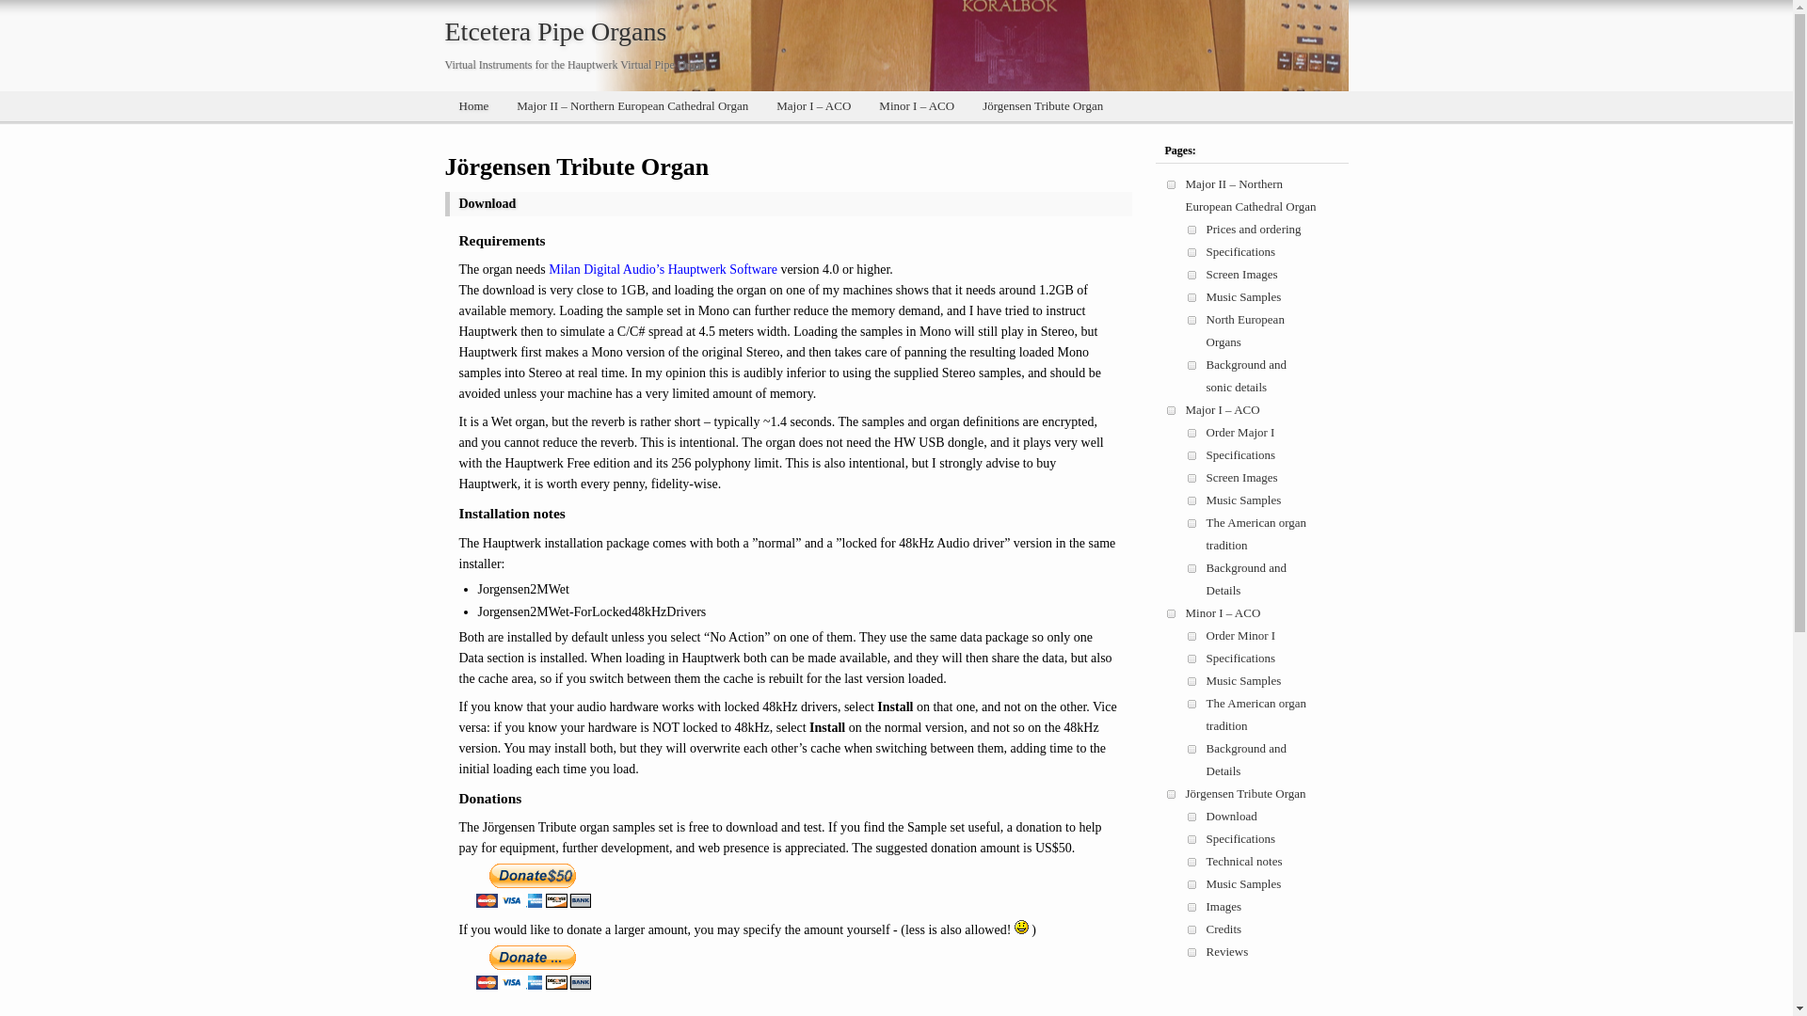  Describe the element at coordinates (1243, 883) in the screenshot. I see `'Music Samples'` at that location.